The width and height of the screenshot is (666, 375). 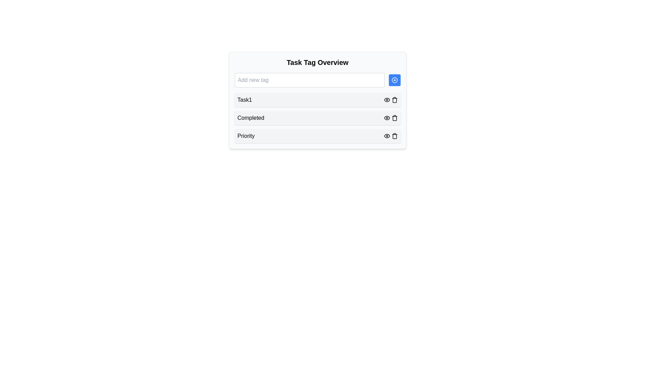 I want to click on the button that adds a new tag to observe its visual effects in the 'Task Tag Overview' interface, so click(x=394, y=80).